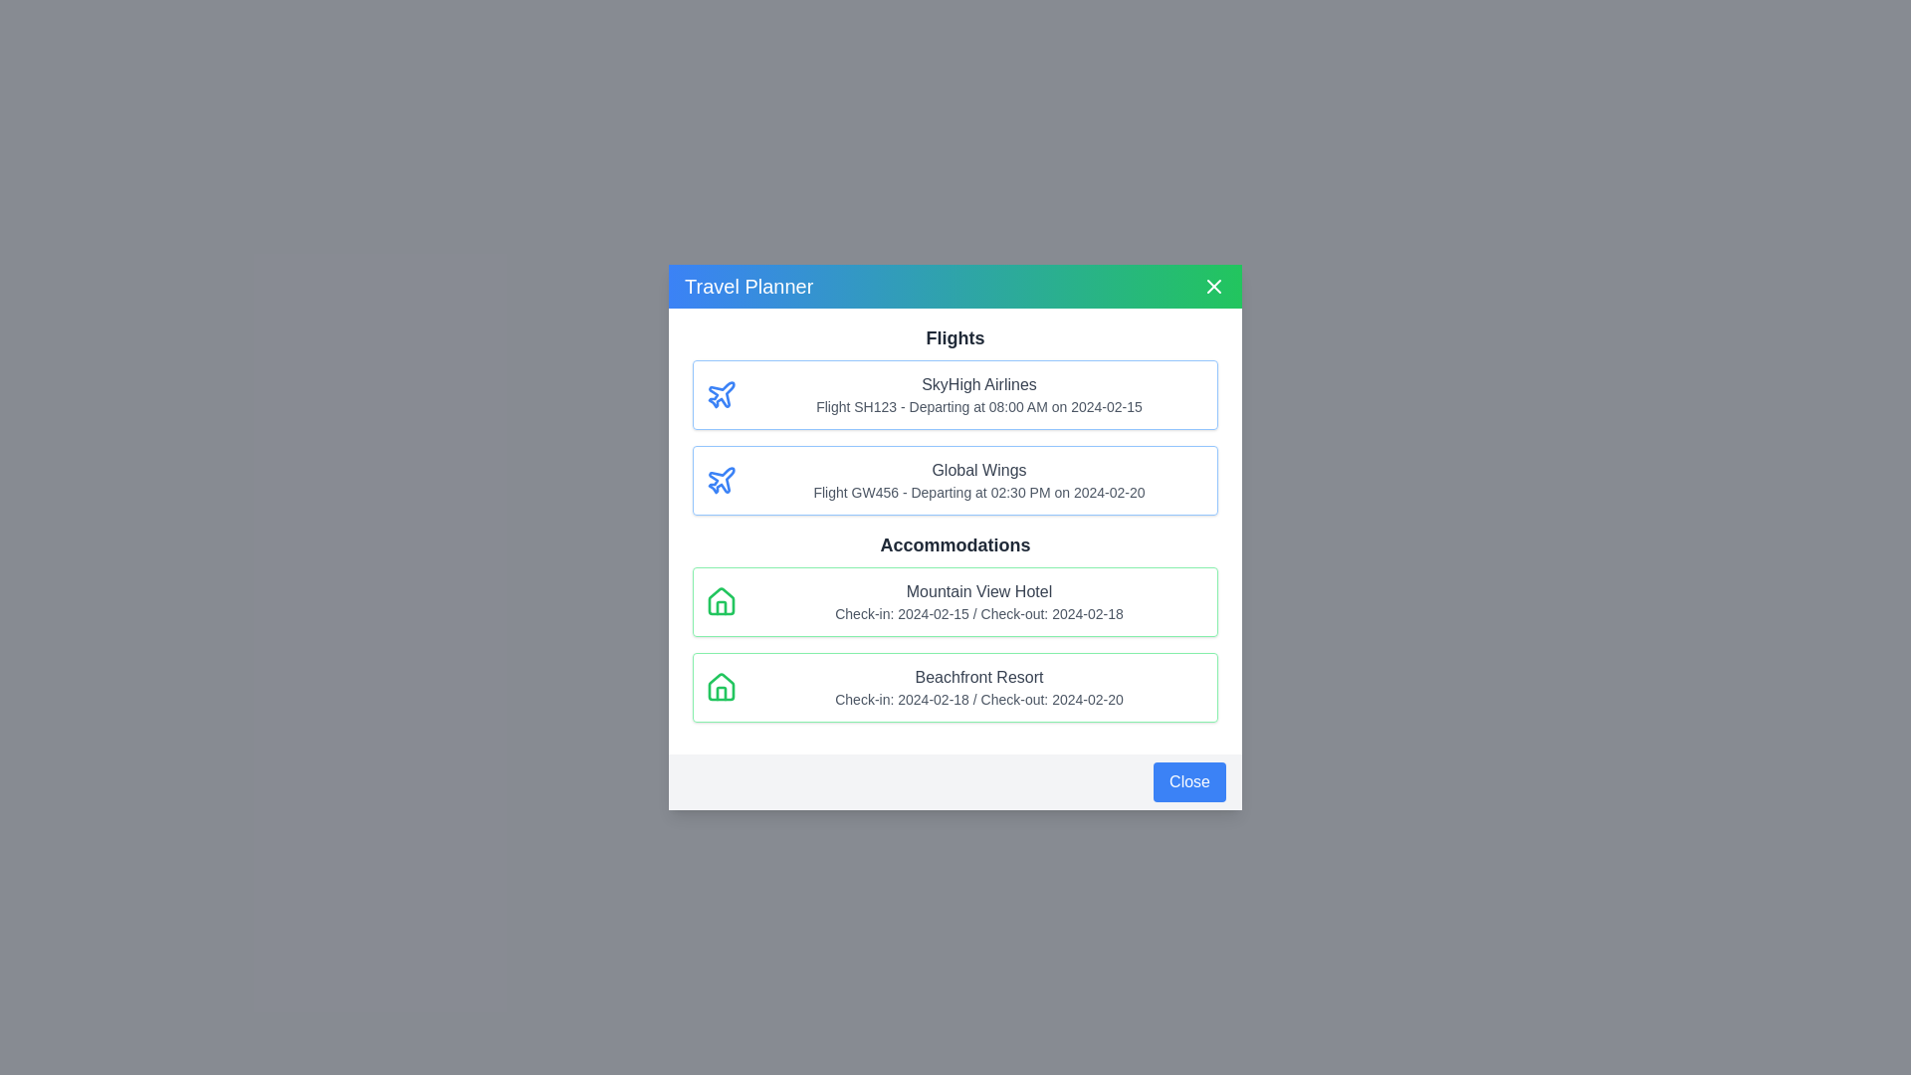 This screenshot has height=1075, width=1911. Describe the element at coordinates (978, 480) in the screenshot. I see `the Text information component displaying 'Global Wings' and flight details 'GW456' in the 'Flights' section of the 'Travel Planner' interface` at that location.